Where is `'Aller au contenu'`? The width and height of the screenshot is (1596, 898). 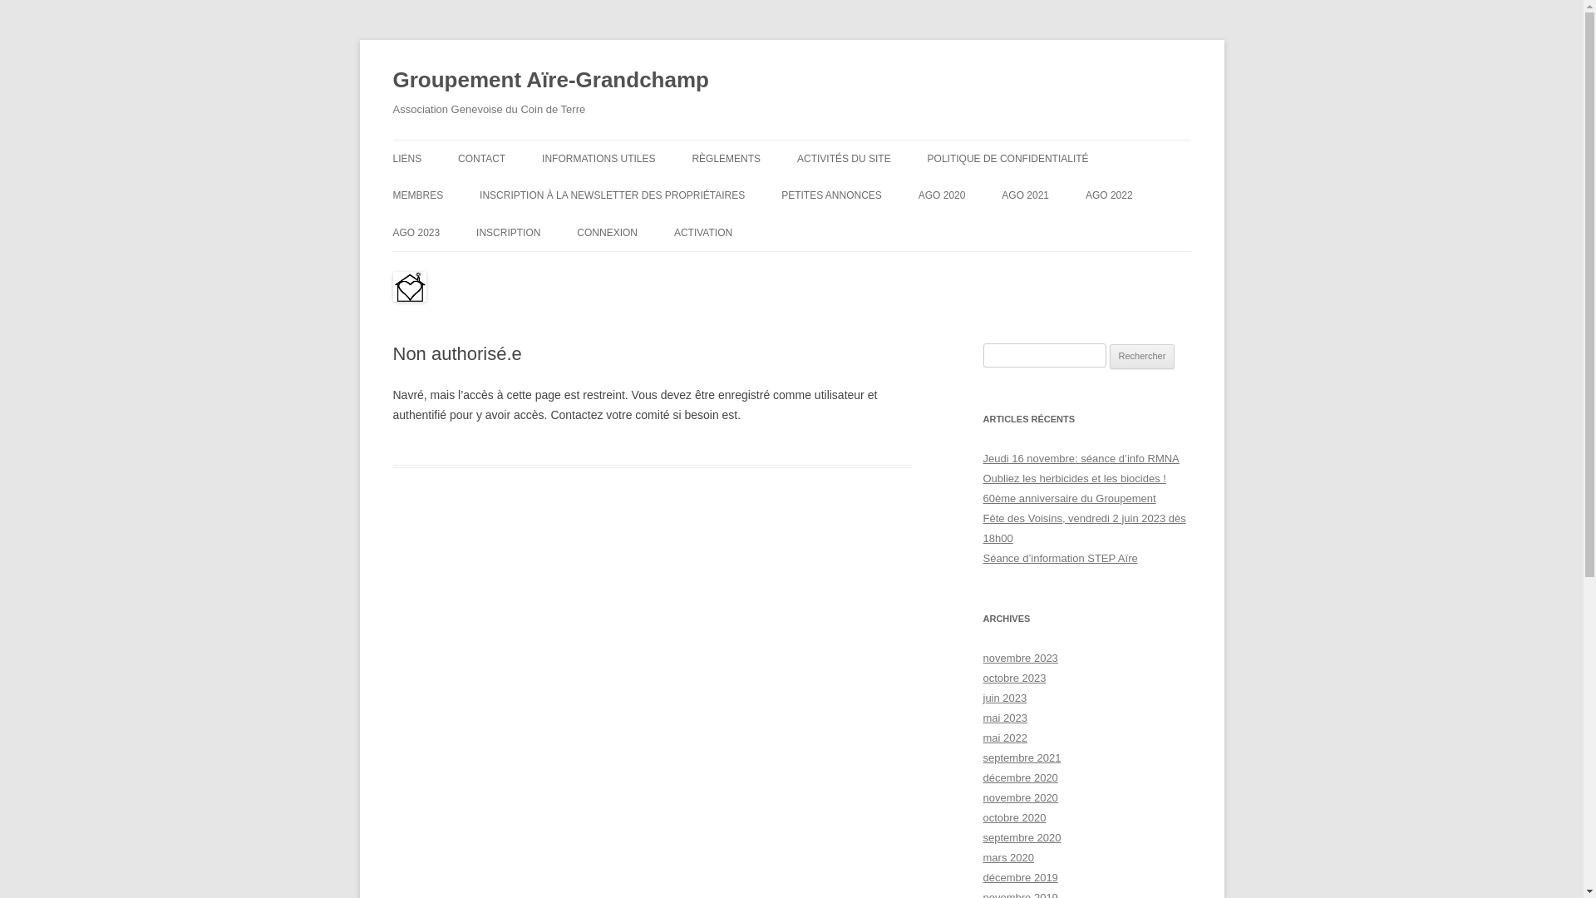
'Aller au contenu' is located at coordinates (791, 139).